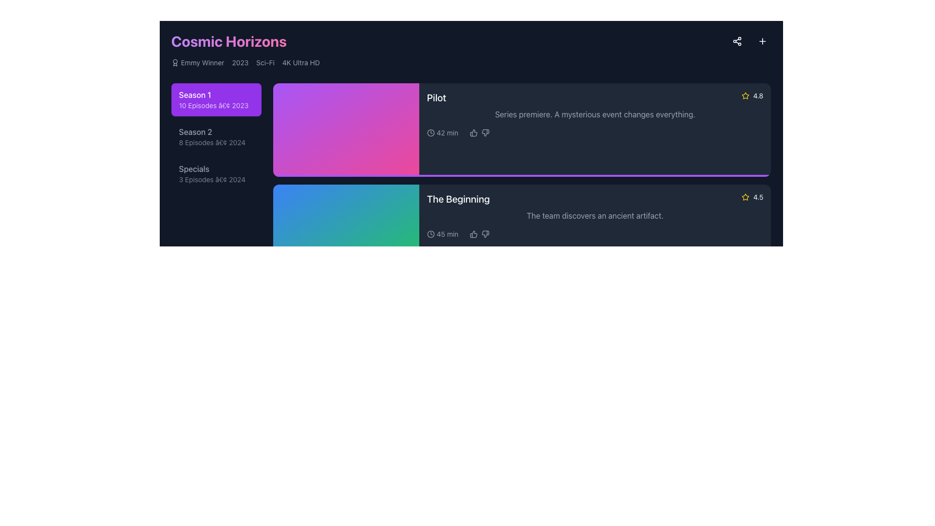 Image resolution: width=935 pixels, height=526 pixels. Describe the element at coordinates (430, 133) in the screenshot. I see `the clock SVG icon located to the left of the '42 min' text in the 'Pilot' episode section of the episode list` at that location.